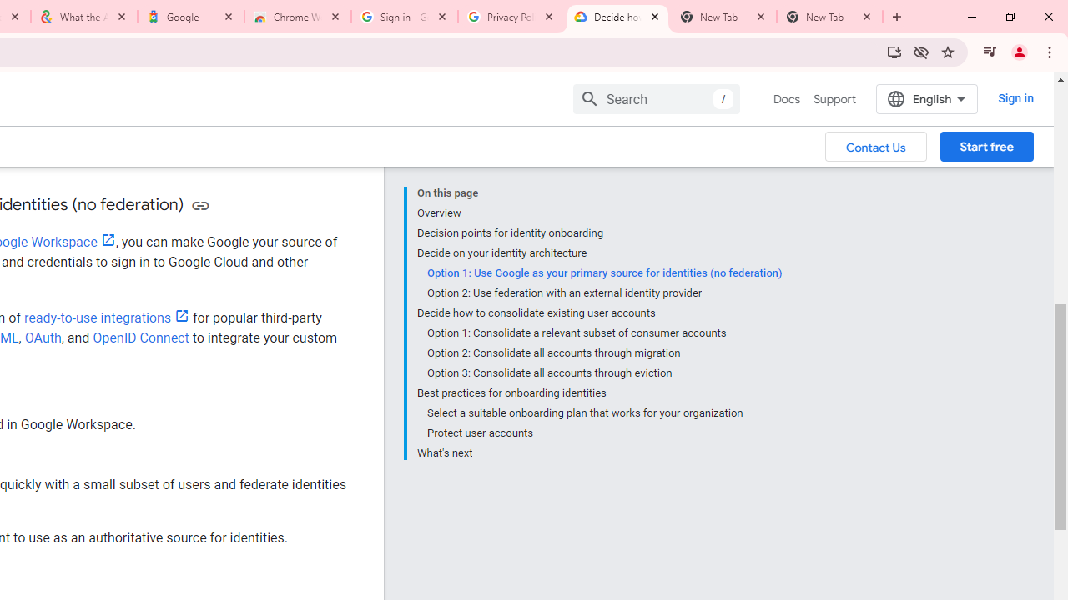 This screenshot has height=600, width=1068. What do you see at coordinates (191, 17) in the screenshot?
I see `'Google'` at bounding box center [191, 17].